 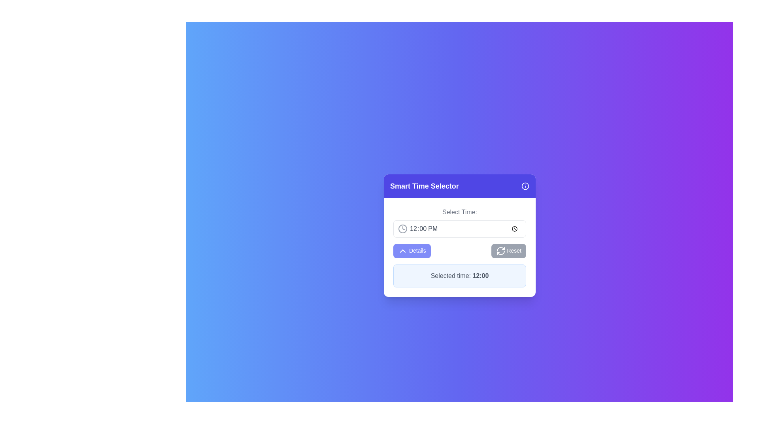 What do you see at coordinates (424, 186) in the screenshot?
I see `the static text label that serves as the title of the modal dialog, located in the top-left section of the modal's header` at bounding box center [424, 186].